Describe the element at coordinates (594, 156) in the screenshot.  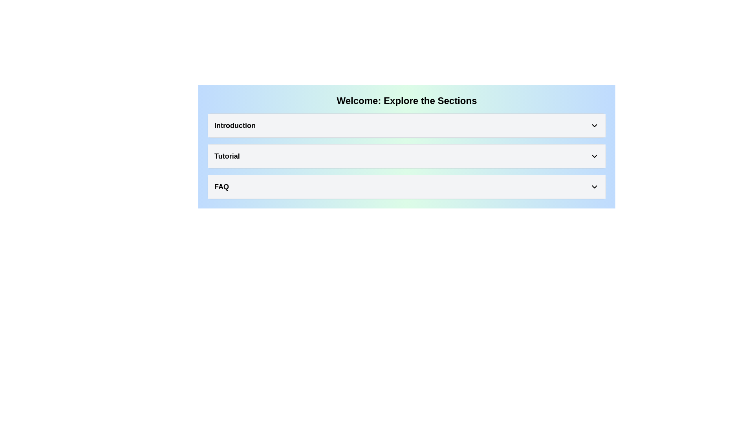
I see `the downwards pointing chevron icon located on the rightmost side of the 'Tutorial' section header` at that location.